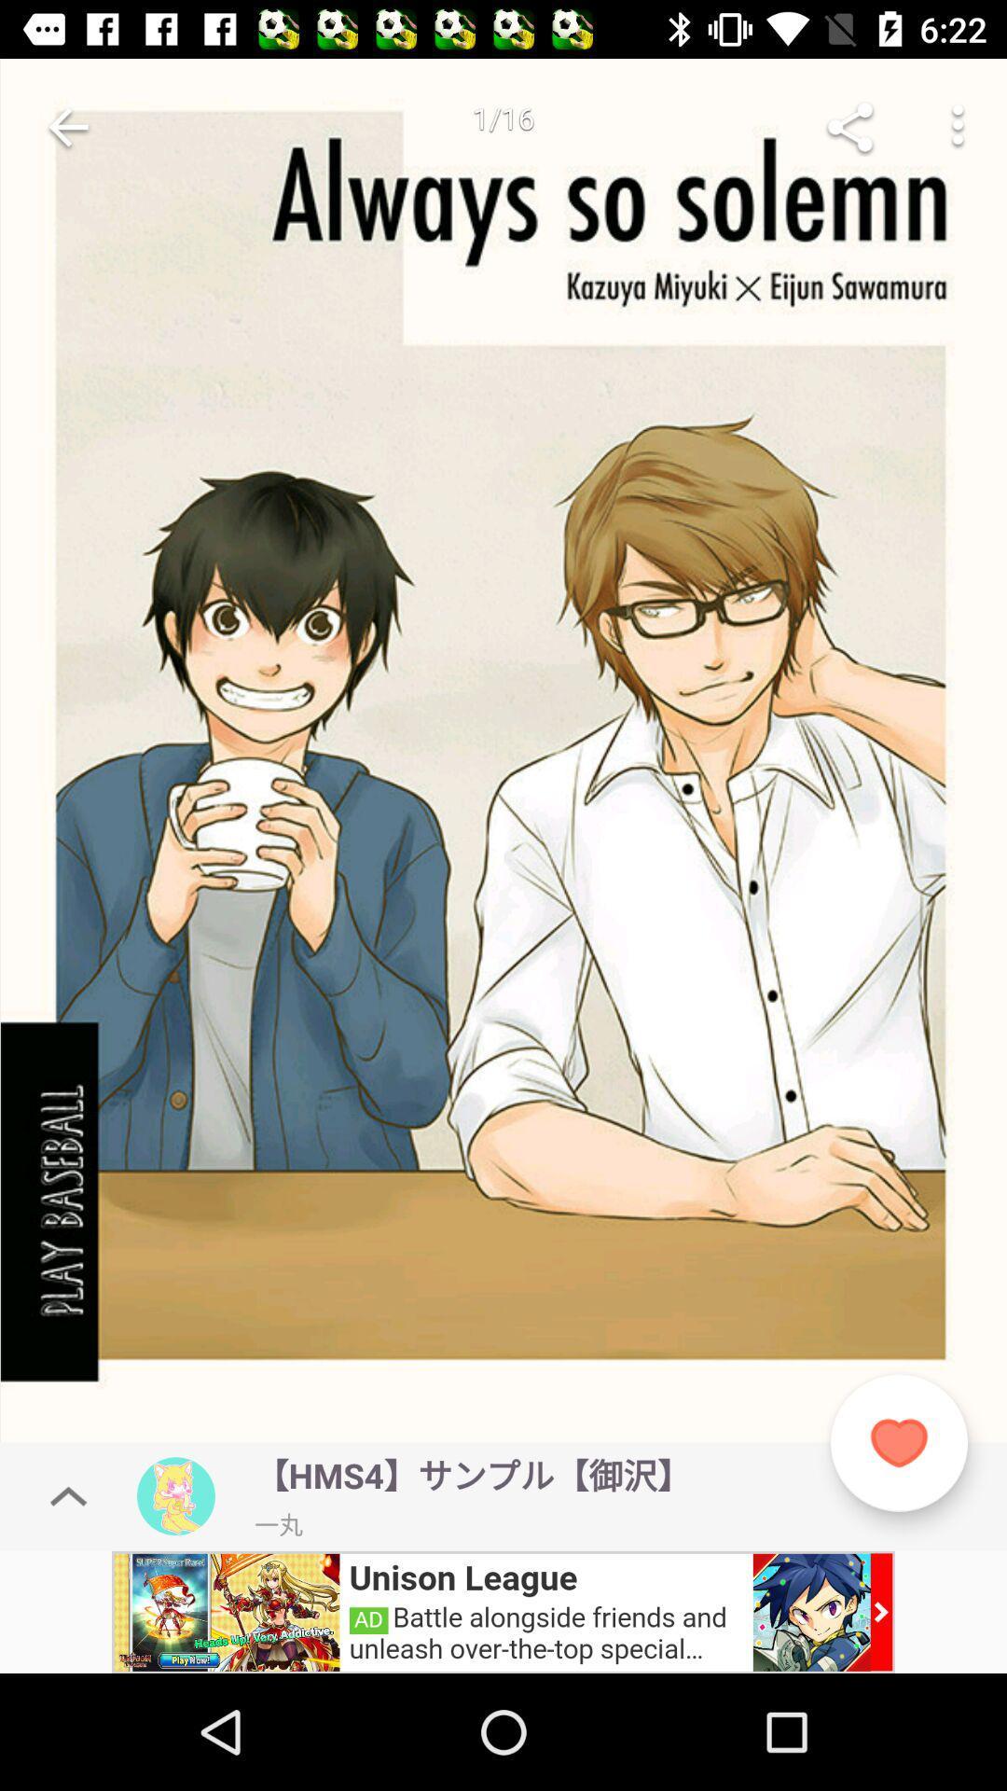 The width and height of the screenshot is (1007, 1791). Describe the element at coordinates (849, 126) in the screenshot. I see `go share image or video` at that location.